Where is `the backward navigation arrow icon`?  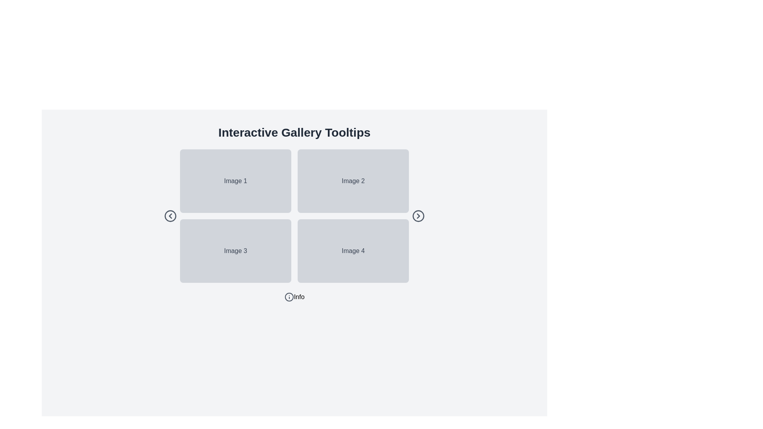
the backward navigation arrow icon is located at coordinates (170, 216).